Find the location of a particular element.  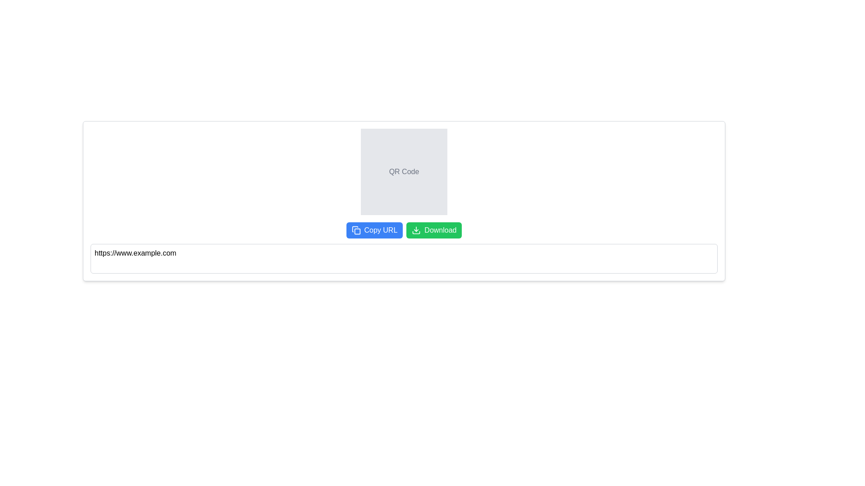

the green 'Download' button which contains the download icon, located at the bottom-right of the interface is located at coordinates (416, 230).